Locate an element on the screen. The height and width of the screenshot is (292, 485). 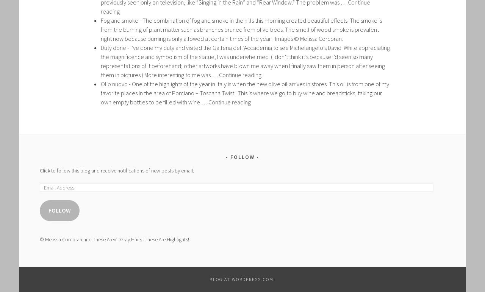
'I’ve done my duty and visited the Galleria dell’Accademia to see Michelangelo’s David. While appreciating the magnificence and symbolism of the statue, I was underwhelmed. (I don’t think it’s because I’d seen so many representations of it beforehand; other artworks have blown me away when I finally saw them in person after seeing them in pictures.) More interesting to me was …' is located at coordinates (245, 61).